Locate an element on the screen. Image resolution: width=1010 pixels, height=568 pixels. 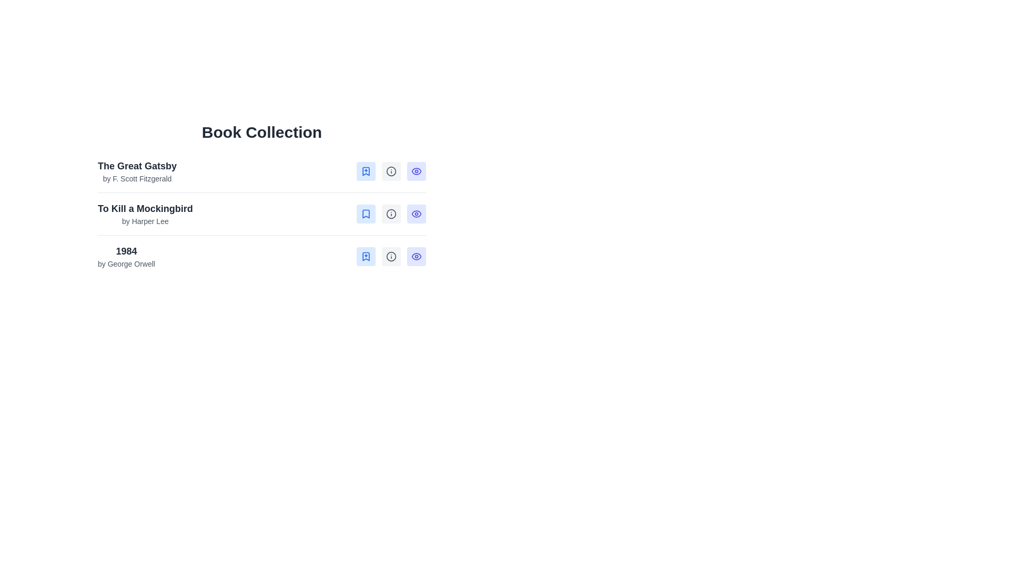
the text label displaying 'by F. Scott Fitzgerald', which is styled in a smaller gray font and positioned beneath the main title 'The Great Gatsby' is located at coordinates (136, 178).